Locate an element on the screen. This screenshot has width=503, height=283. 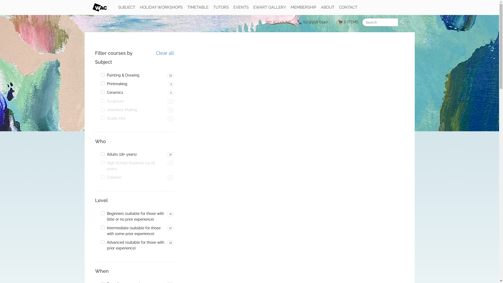
'MEMBERSHIP' is located at coordinates (288, 7).